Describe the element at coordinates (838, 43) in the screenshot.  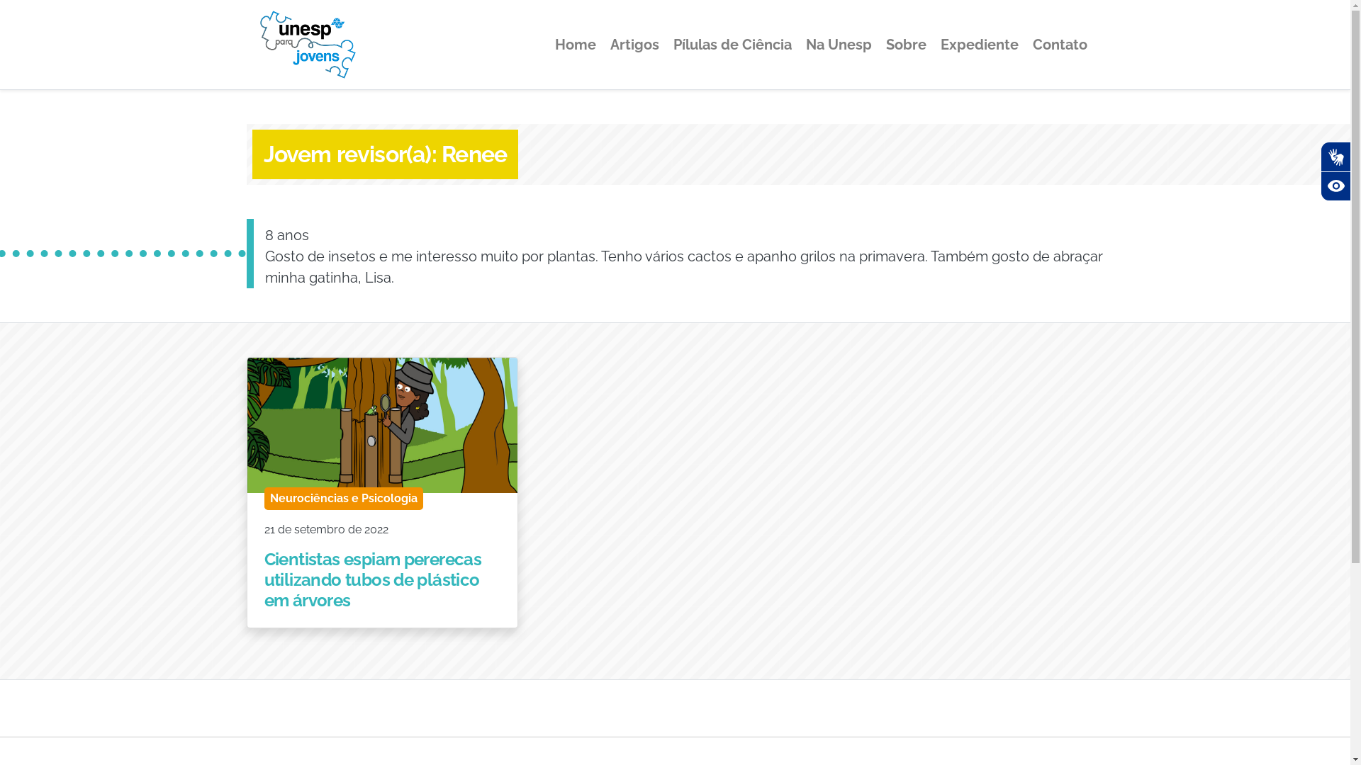
I see `'Na Unesp'` at that location.